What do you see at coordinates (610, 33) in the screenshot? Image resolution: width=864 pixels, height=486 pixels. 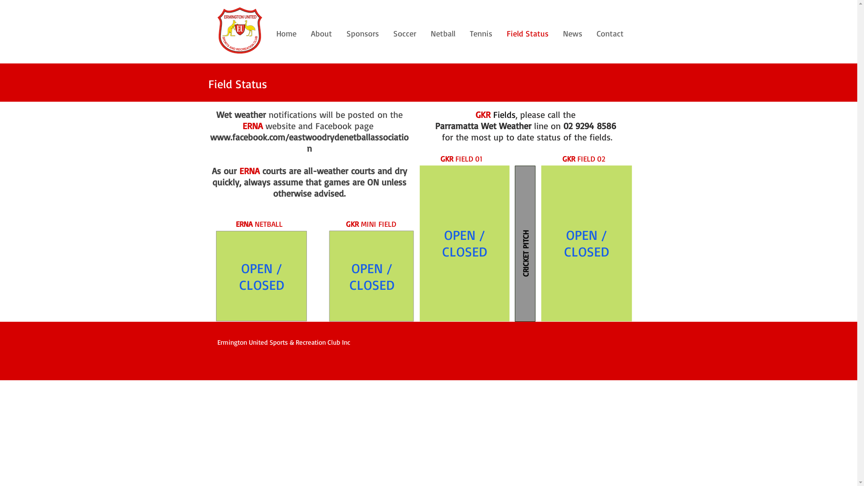 I see `'Contact'` at bounding box center [610, 33].